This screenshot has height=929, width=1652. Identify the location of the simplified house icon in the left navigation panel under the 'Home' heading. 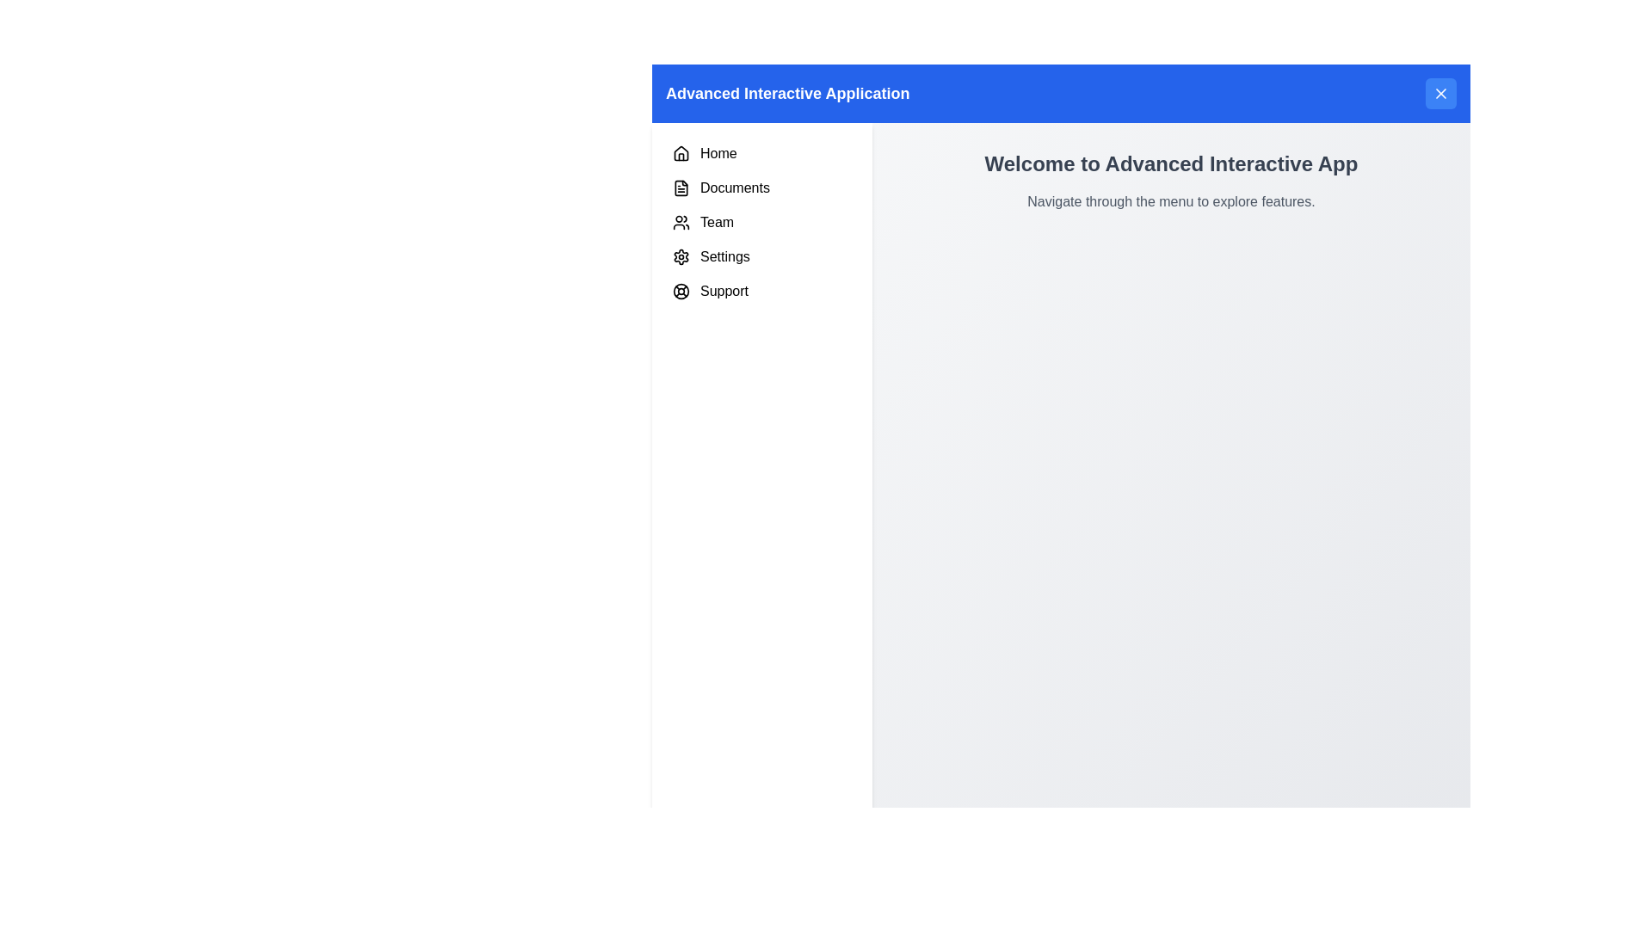
(681, 151).